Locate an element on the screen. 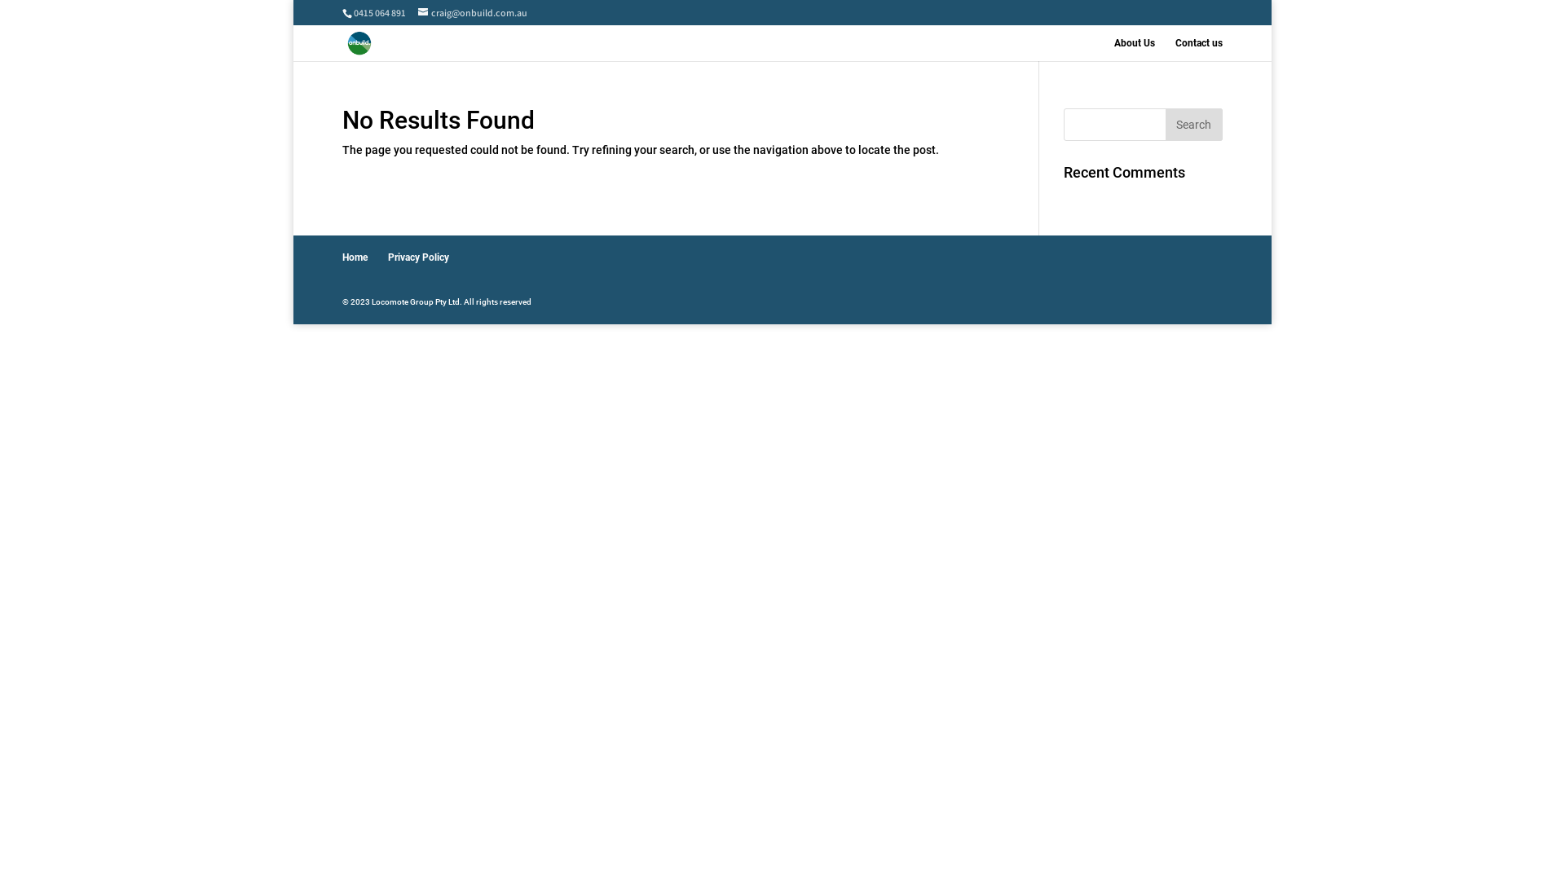  'Home' is located at coordinates (354, 257).